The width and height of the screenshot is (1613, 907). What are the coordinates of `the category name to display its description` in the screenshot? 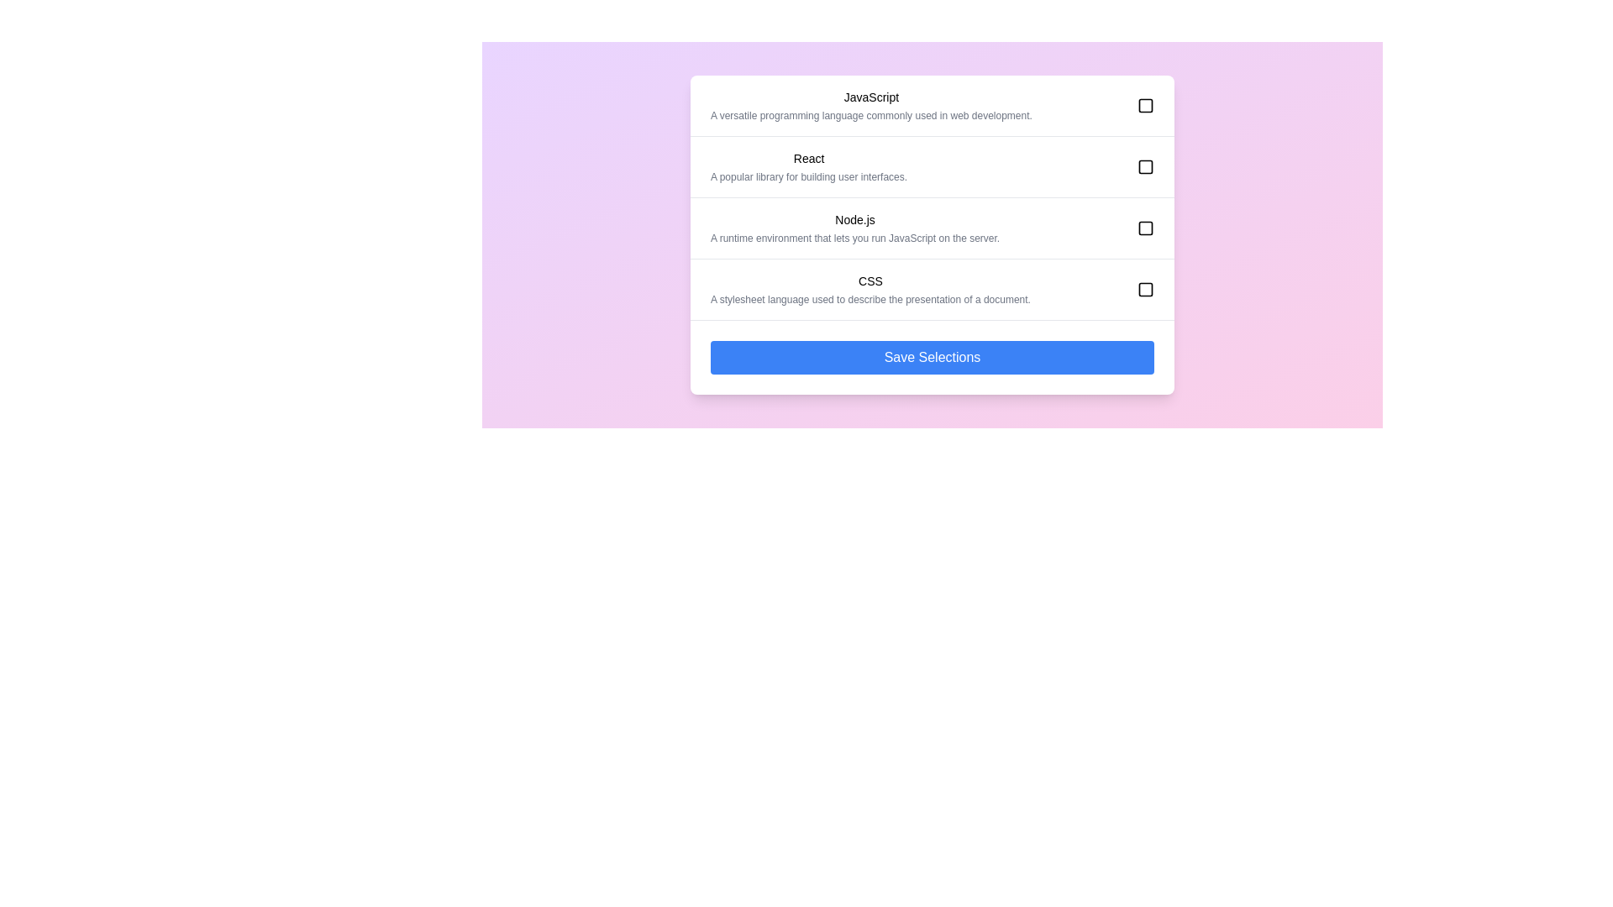 It's located at (870, 97).